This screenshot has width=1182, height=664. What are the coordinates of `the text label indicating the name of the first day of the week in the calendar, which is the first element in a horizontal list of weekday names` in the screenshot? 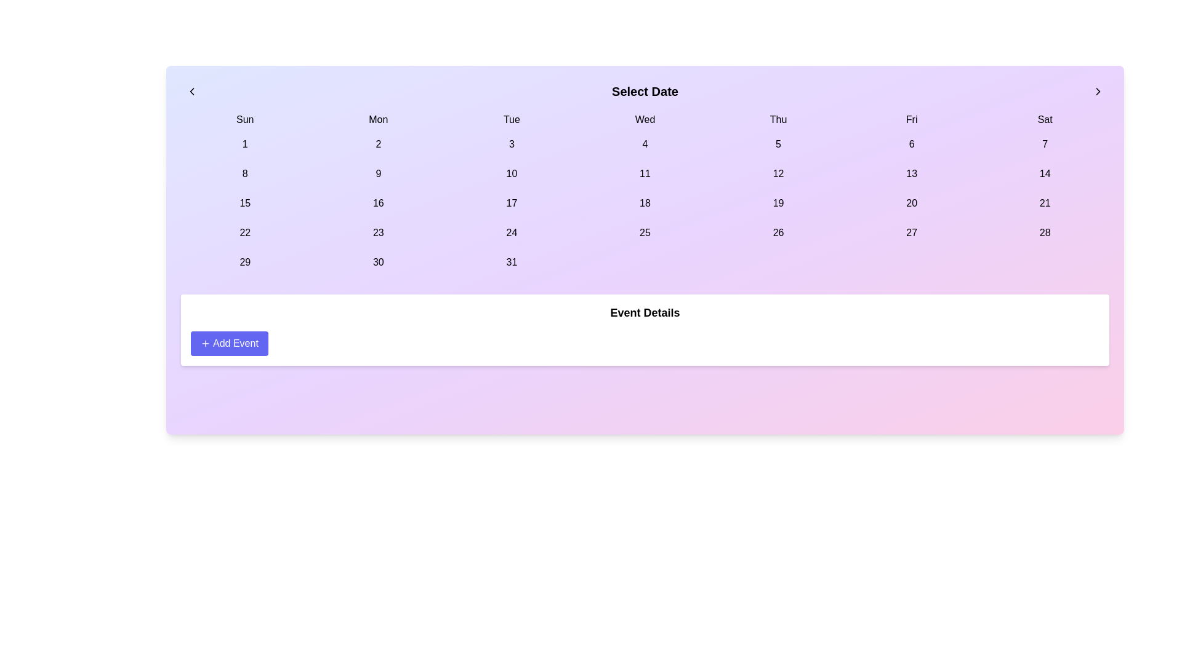 It's located at (245, 120).